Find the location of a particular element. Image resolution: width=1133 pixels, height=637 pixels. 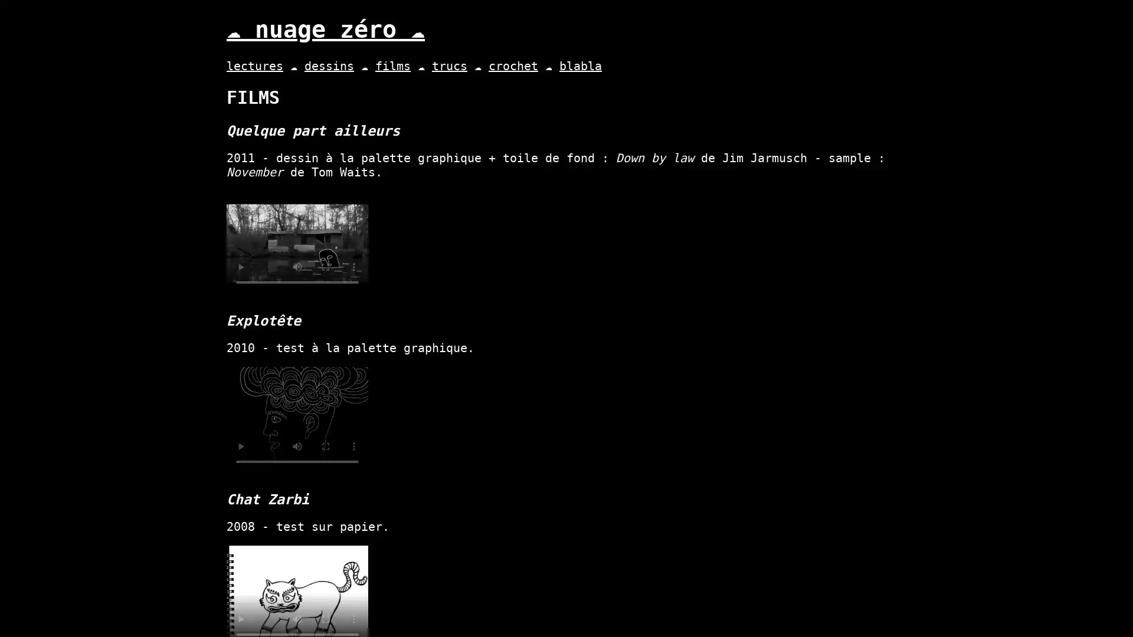

play is located at coordinates (240, 267).